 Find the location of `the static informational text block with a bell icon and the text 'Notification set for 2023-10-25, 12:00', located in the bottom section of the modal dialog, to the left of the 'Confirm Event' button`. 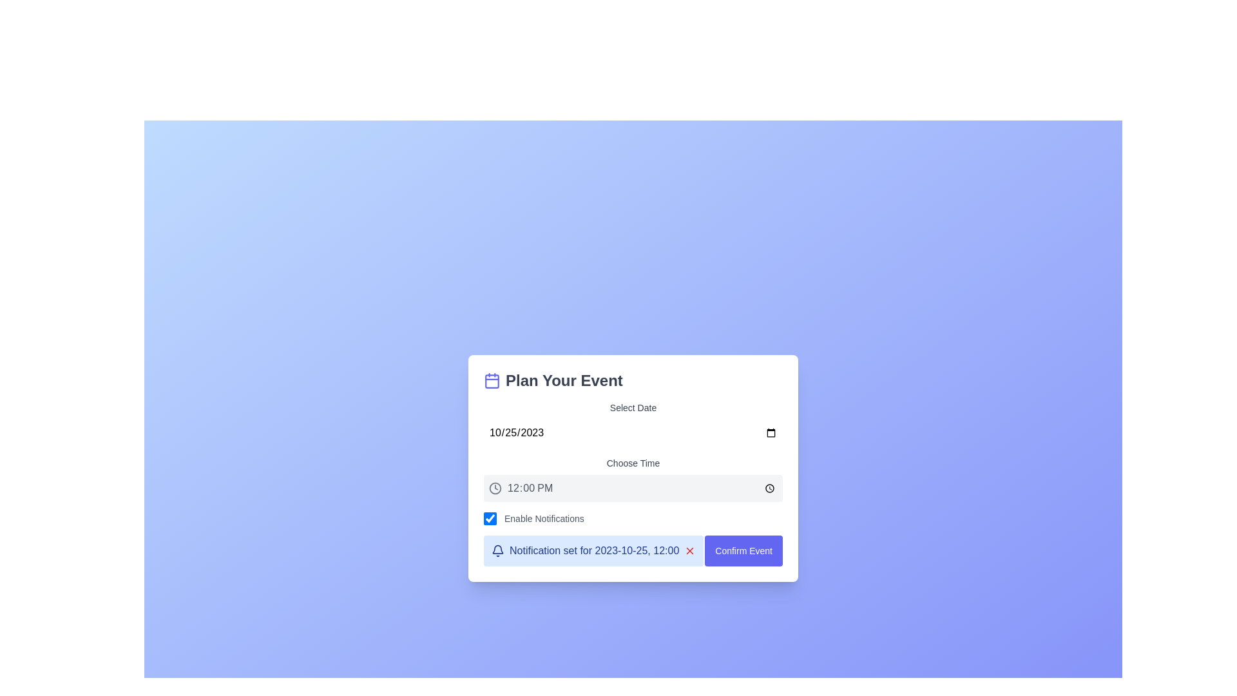

the static informational text block with a bell icon and the text 'Notification set for 2023-10-25, 12:00', located in the bottom section of the modal dialog, to the left of the 'Confirm Event' button is located at coordinates (593, 551).